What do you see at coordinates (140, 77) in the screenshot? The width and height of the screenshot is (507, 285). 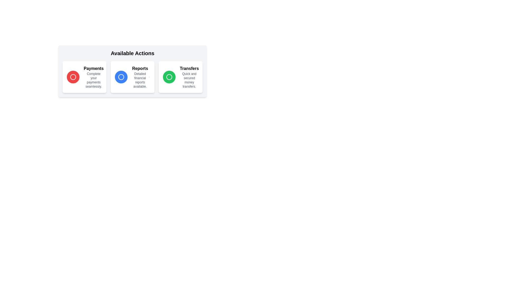 I see `information presented in the Text Display Block, which is the second card under the header 'Available Actions.'` at bounding box center [140, 77].